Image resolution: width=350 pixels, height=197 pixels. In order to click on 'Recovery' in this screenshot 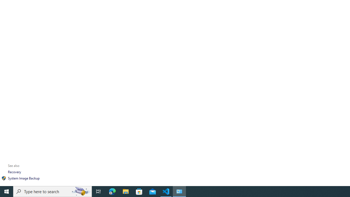, I will do `click(14, 172)`.